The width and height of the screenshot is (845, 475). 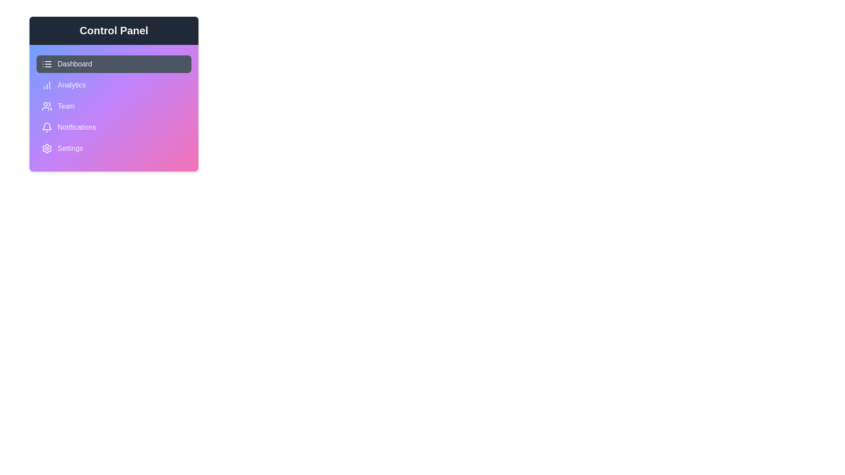 I want to click on the Notifications label in the Control Panel menu which is positioned below the Team menu item and above the Settings menu item, so click(x=77, y=127).